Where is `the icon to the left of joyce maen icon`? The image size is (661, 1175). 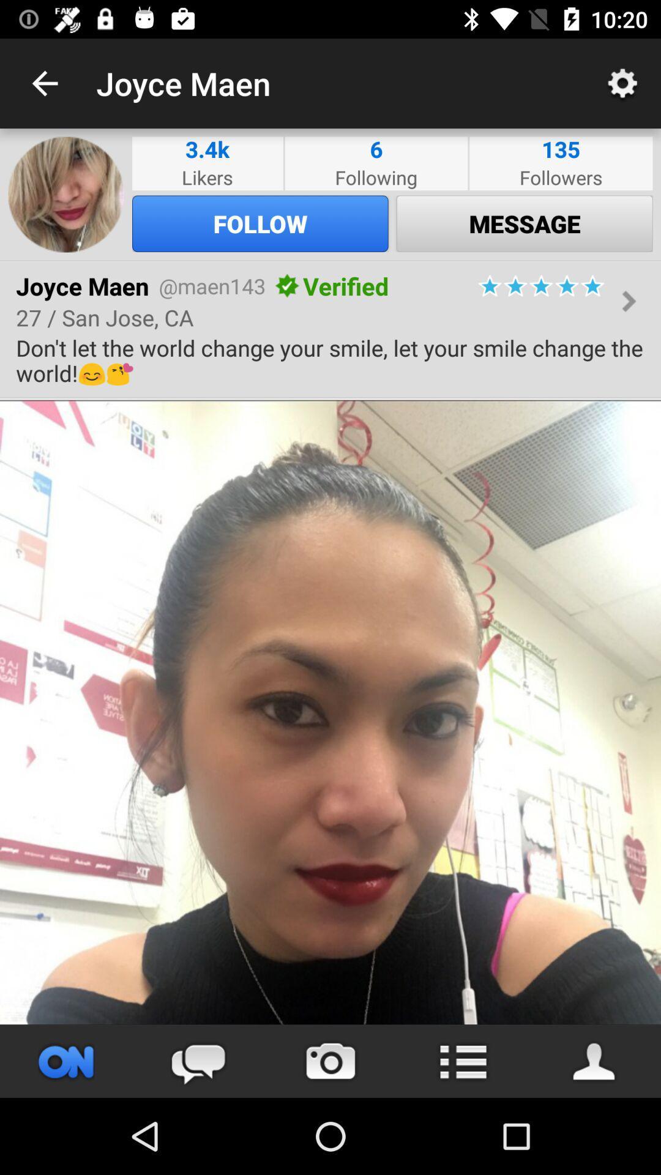 the icon to the left of joyce maen icon is located at coordinates (44, 83).